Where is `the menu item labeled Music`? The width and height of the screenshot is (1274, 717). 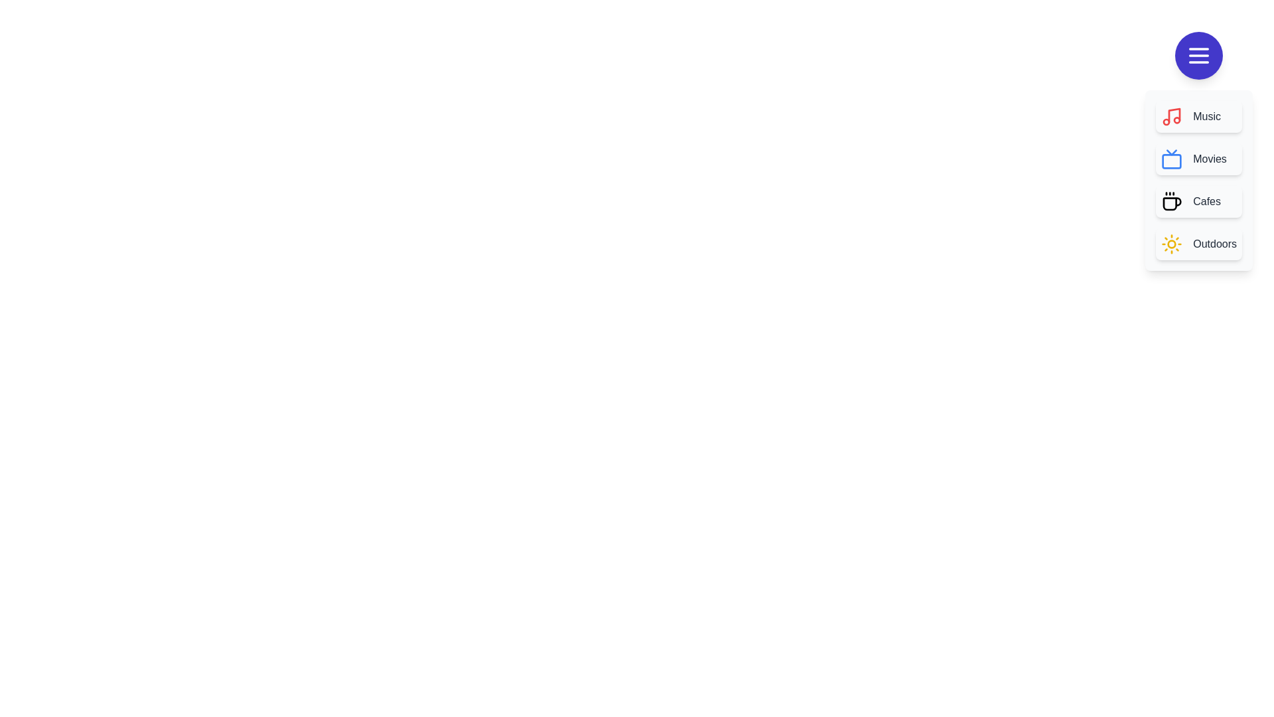 the menu item labeled Music is located at coordinates (1198, 116).